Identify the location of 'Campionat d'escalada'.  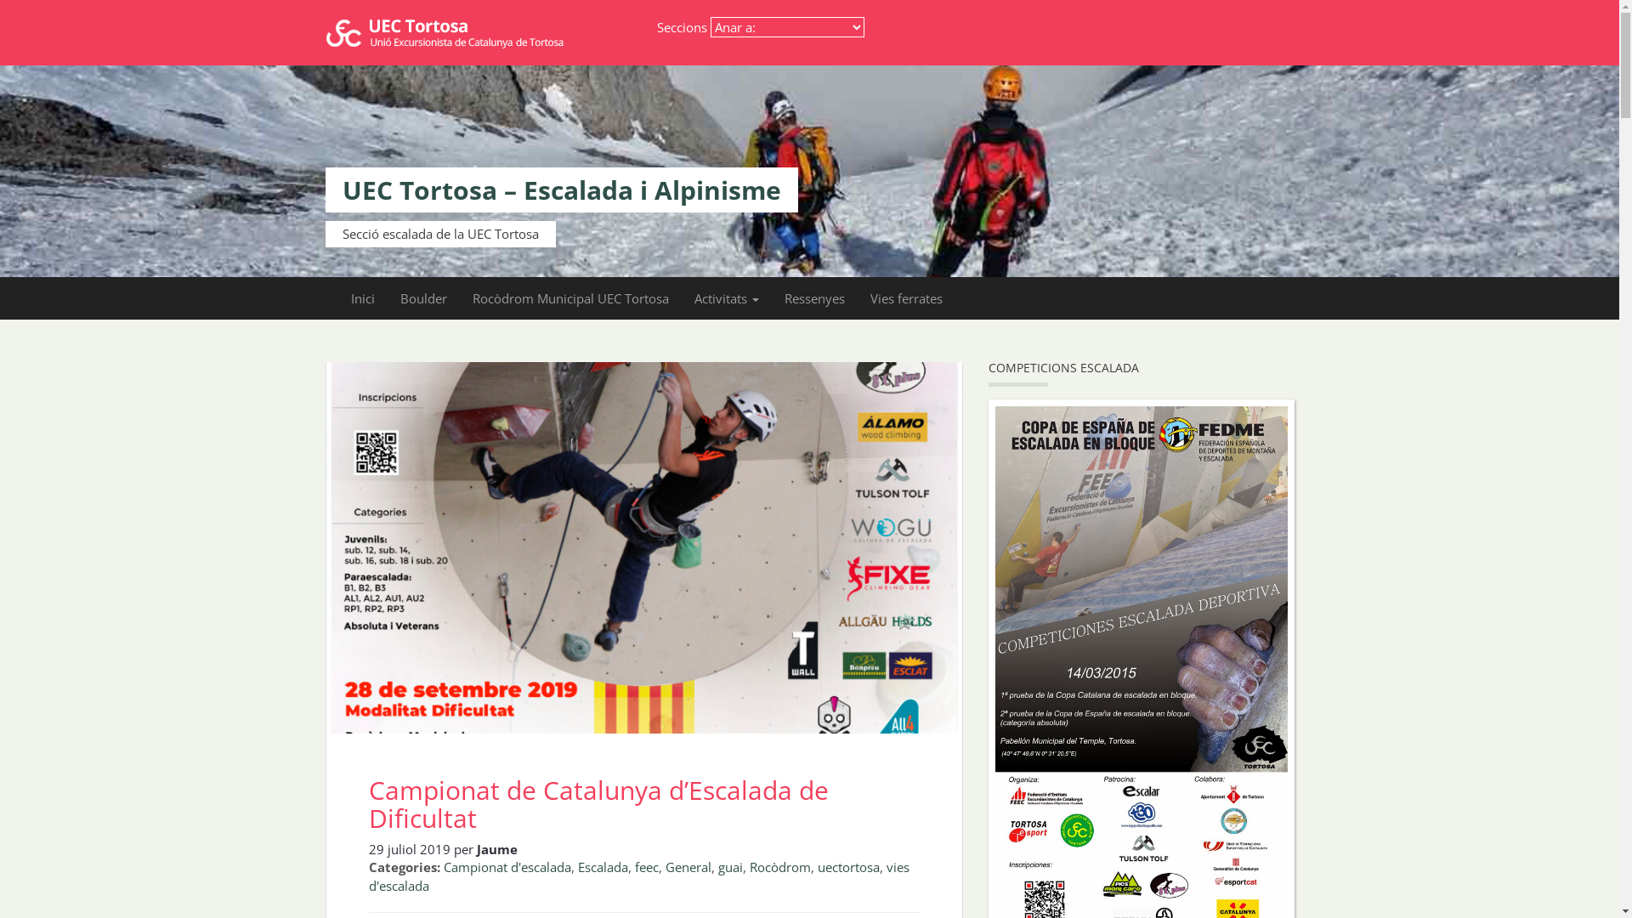
(506, 866).